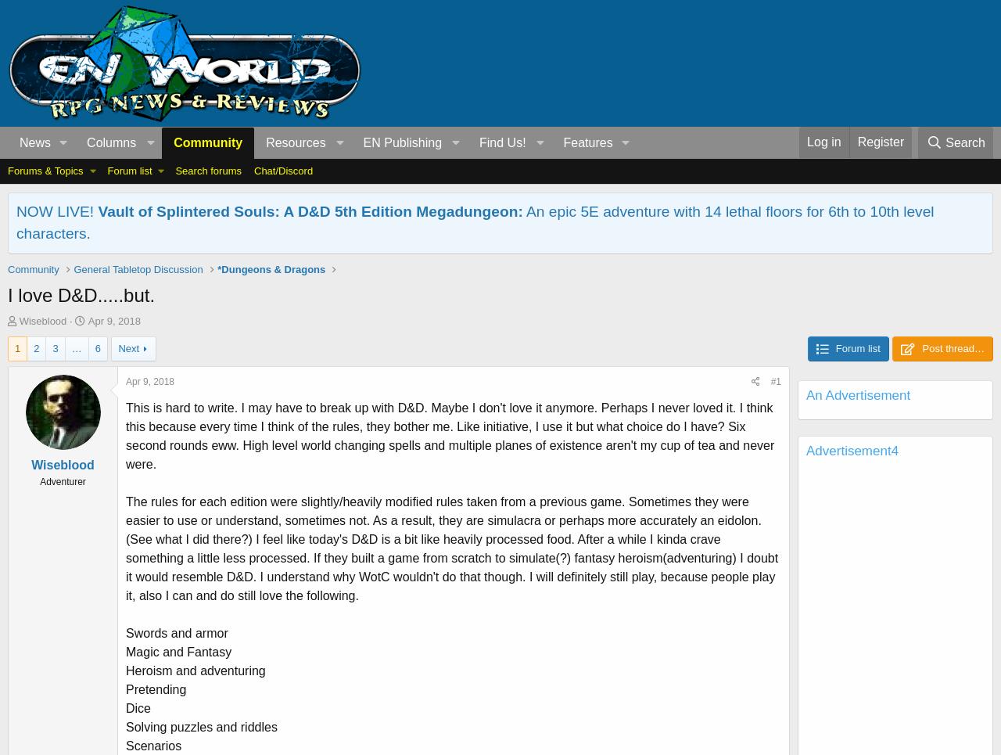 Image resolution: width=1001 pixels, height=755 pixels. What do you see at coordinates (207, 171) in the screenshot?
I see `'Search forums'` at bounding box center [207, 171].